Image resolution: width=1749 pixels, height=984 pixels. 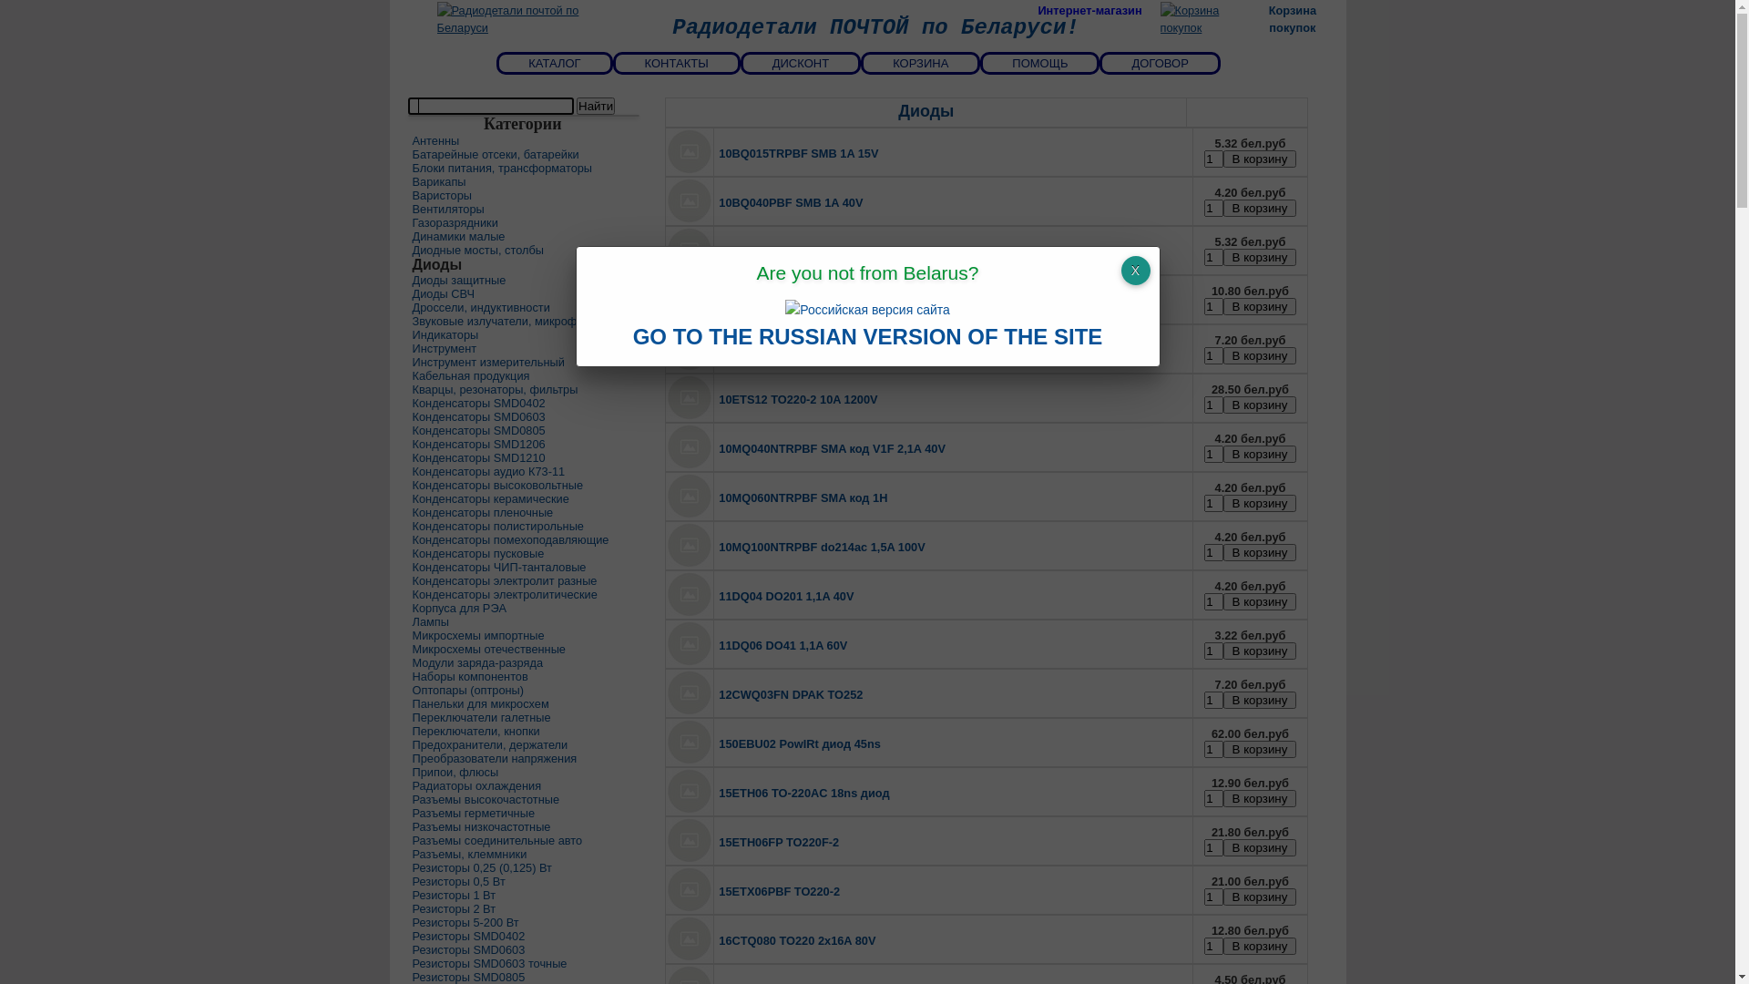 I want to click on 'Close', so click(x=1119, y=271).